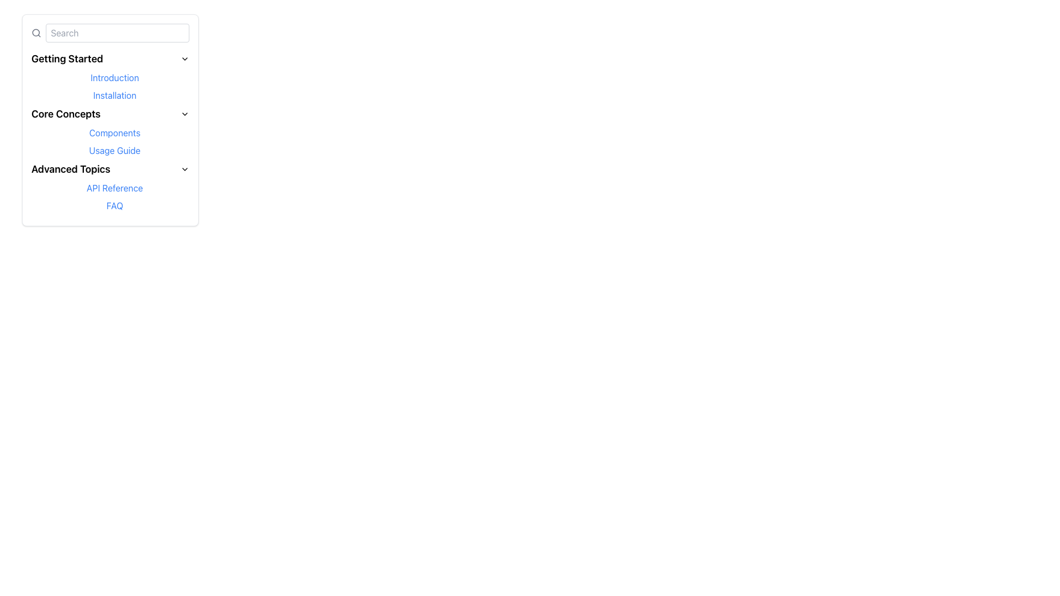  I want to click on the navigational links 'Introduction' and 'Installation' in the 'Getting Started' section of the side navigation menu to observe the hover effects, so click(110, 86).